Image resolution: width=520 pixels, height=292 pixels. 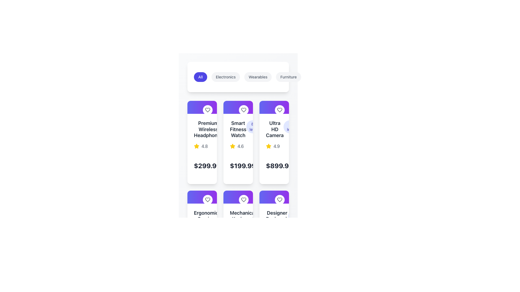 What do you see at coordinates (279, 110) in the screenshot?
I see `the heart icon button located at the top-right corner inside the card of 'Ultra HD Camera'` at bounding box center [279, 110].